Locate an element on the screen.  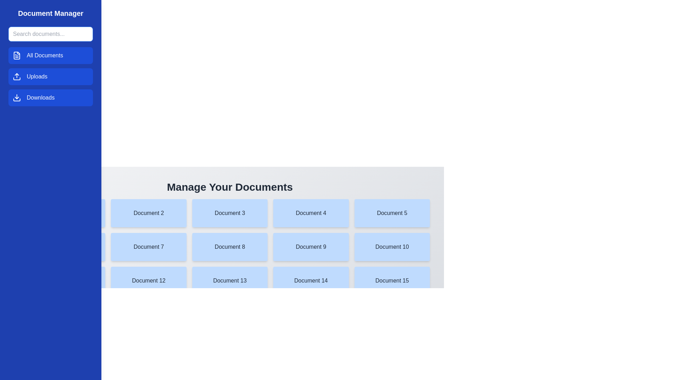
the menu button to toggle the drawer open or closed is located at coordinates (21, 172).